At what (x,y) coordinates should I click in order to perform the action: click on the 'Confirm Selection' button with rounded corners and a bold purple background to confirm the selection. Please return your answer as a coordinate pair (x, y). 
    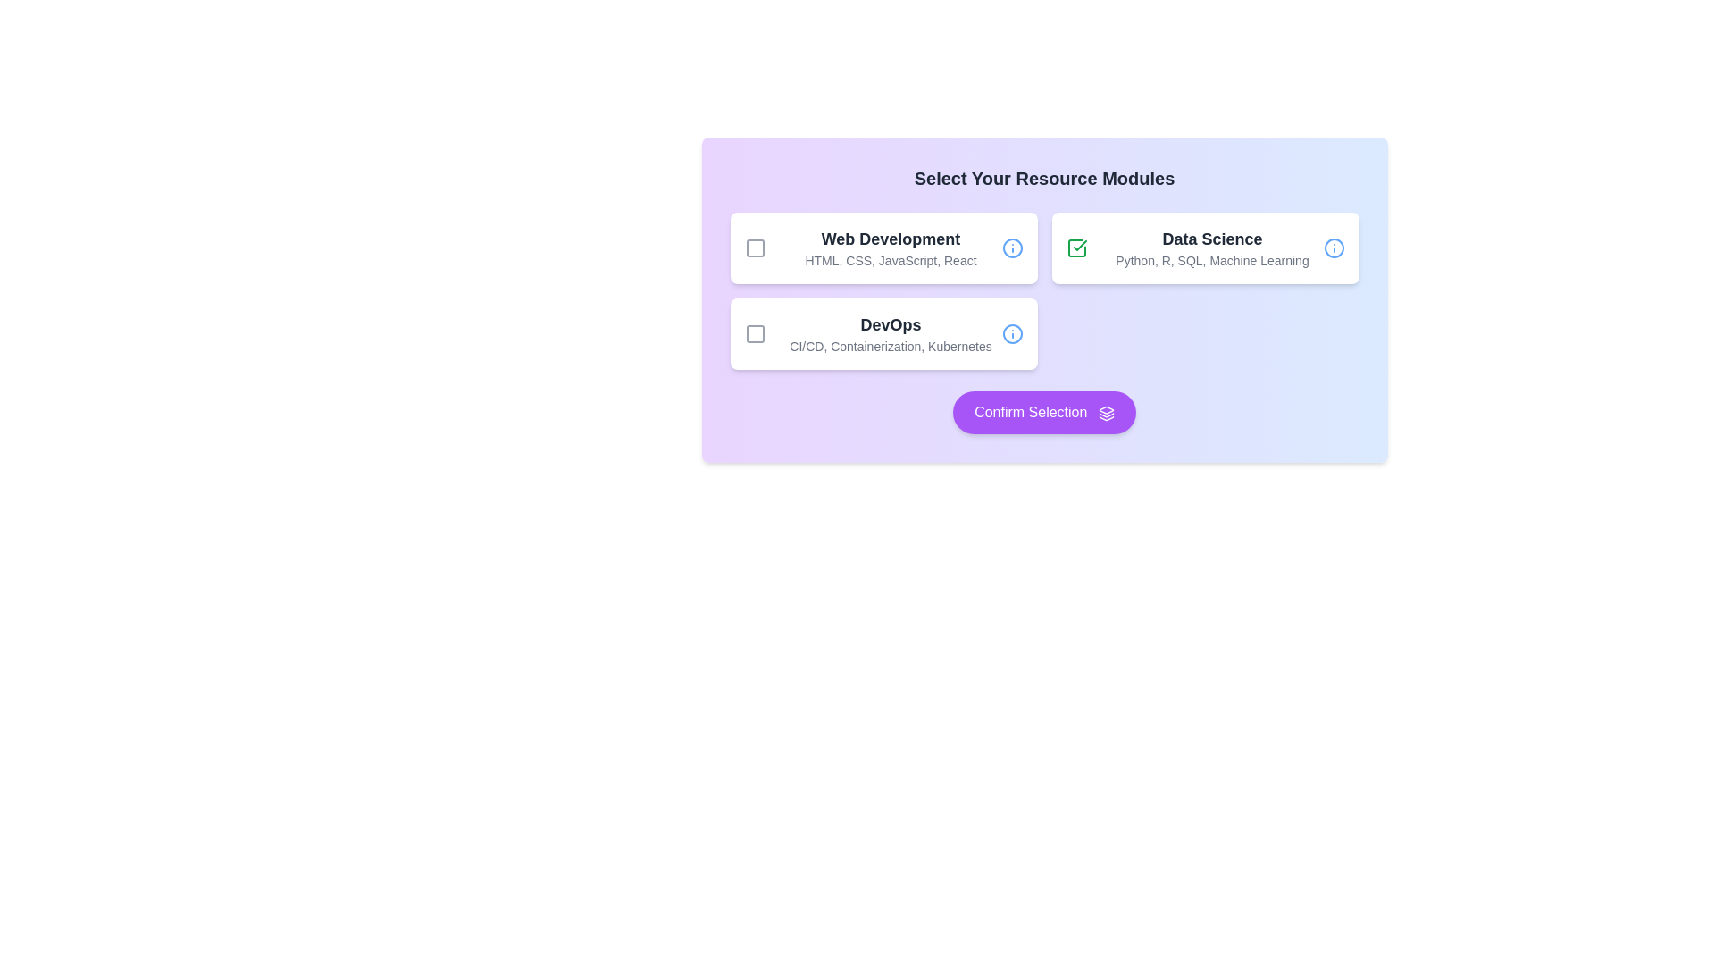
    Looking at the image, I should click on (1044, 413).